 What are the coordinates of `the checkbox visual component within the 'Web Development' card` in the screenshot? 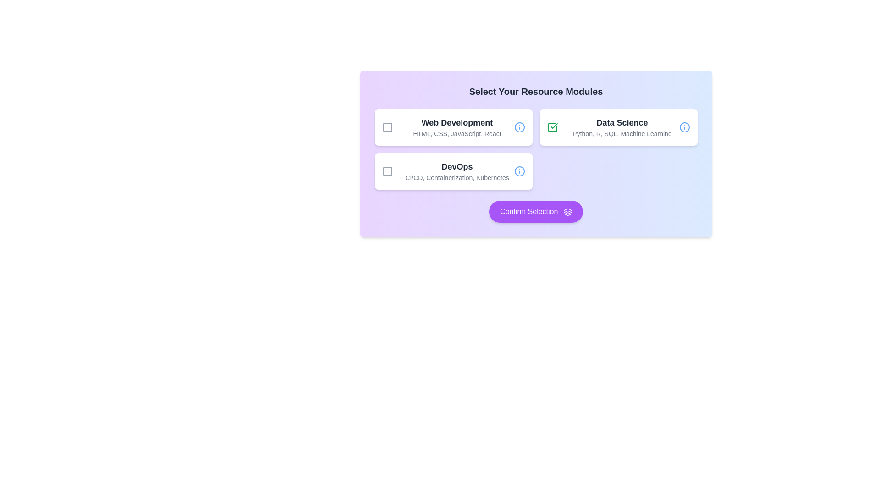 It's located at (387, 127).